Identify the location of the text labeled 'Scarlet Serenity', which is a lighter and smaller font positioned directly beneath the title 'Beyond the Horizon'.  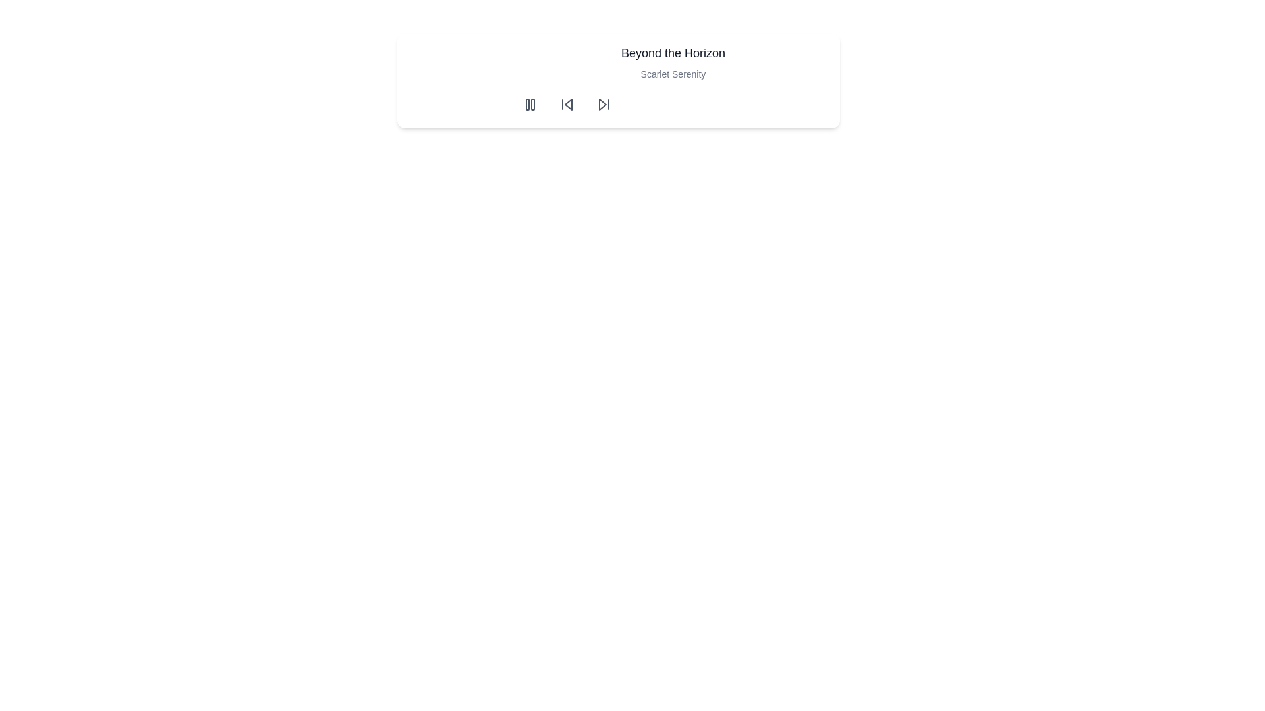
(673, 74).